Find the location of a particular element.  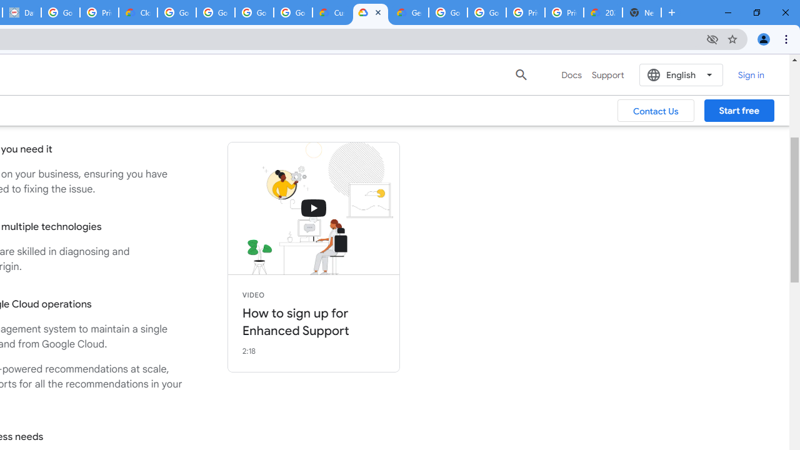

'Start free' is located at coordinates (739, 110).